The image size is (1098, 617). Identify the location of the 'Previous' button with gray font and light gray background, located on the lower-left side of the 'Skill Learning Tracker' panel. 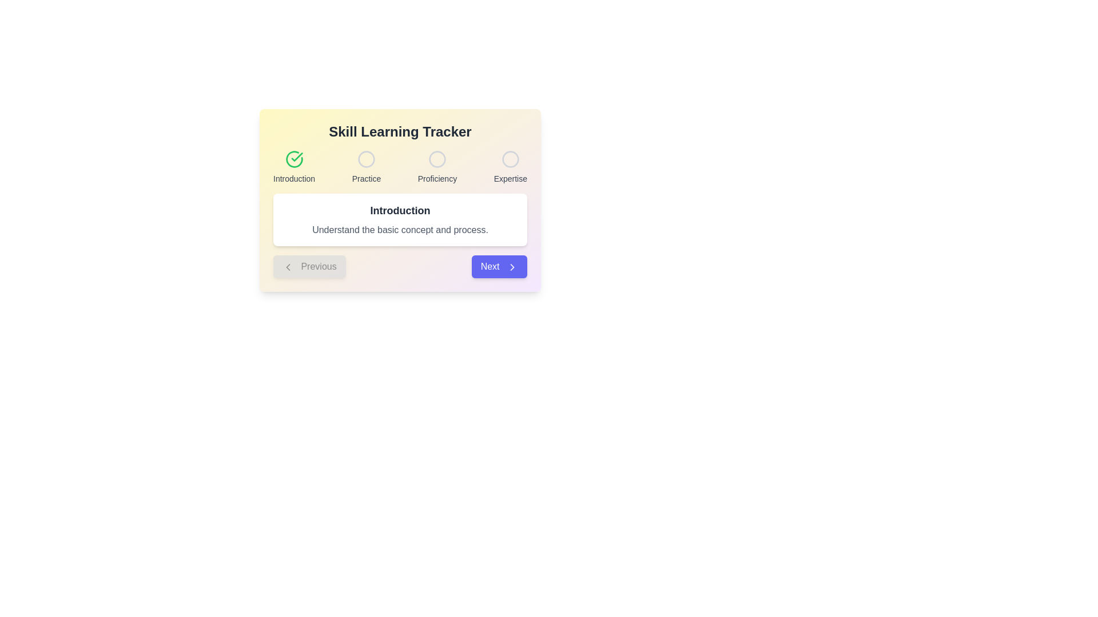
(309, 266).